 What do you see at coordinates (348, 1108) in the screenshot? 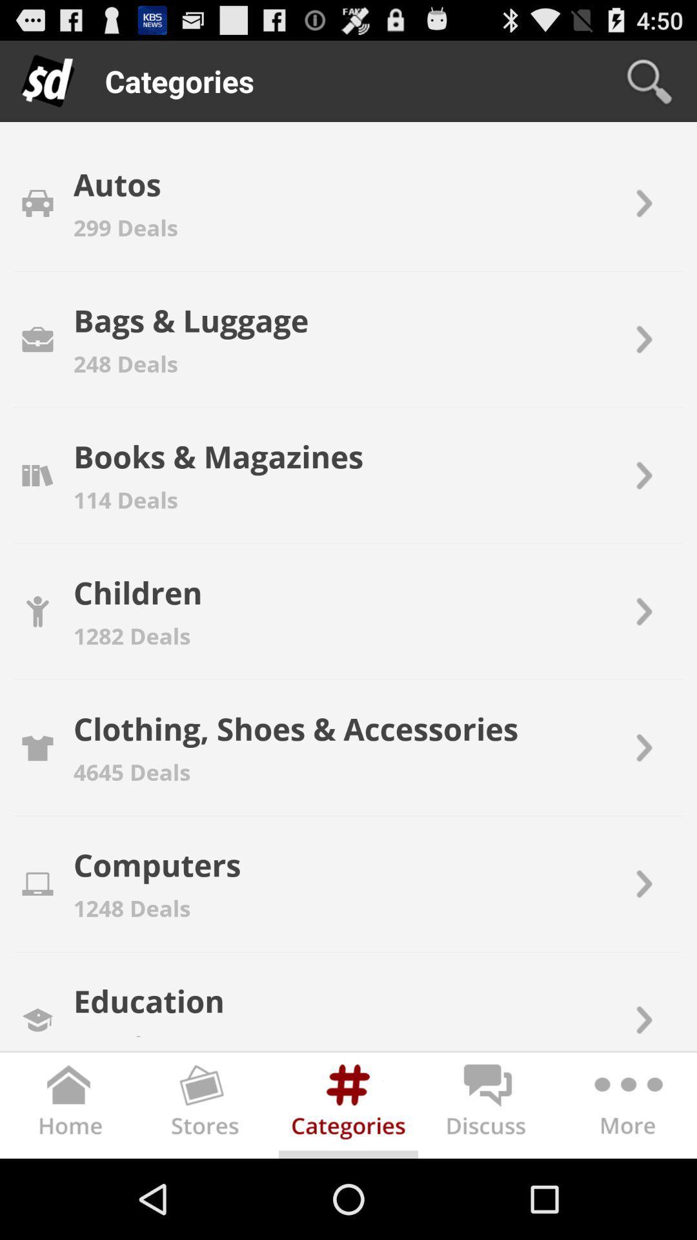
I see `category page` at bounding box center [348, 1108].